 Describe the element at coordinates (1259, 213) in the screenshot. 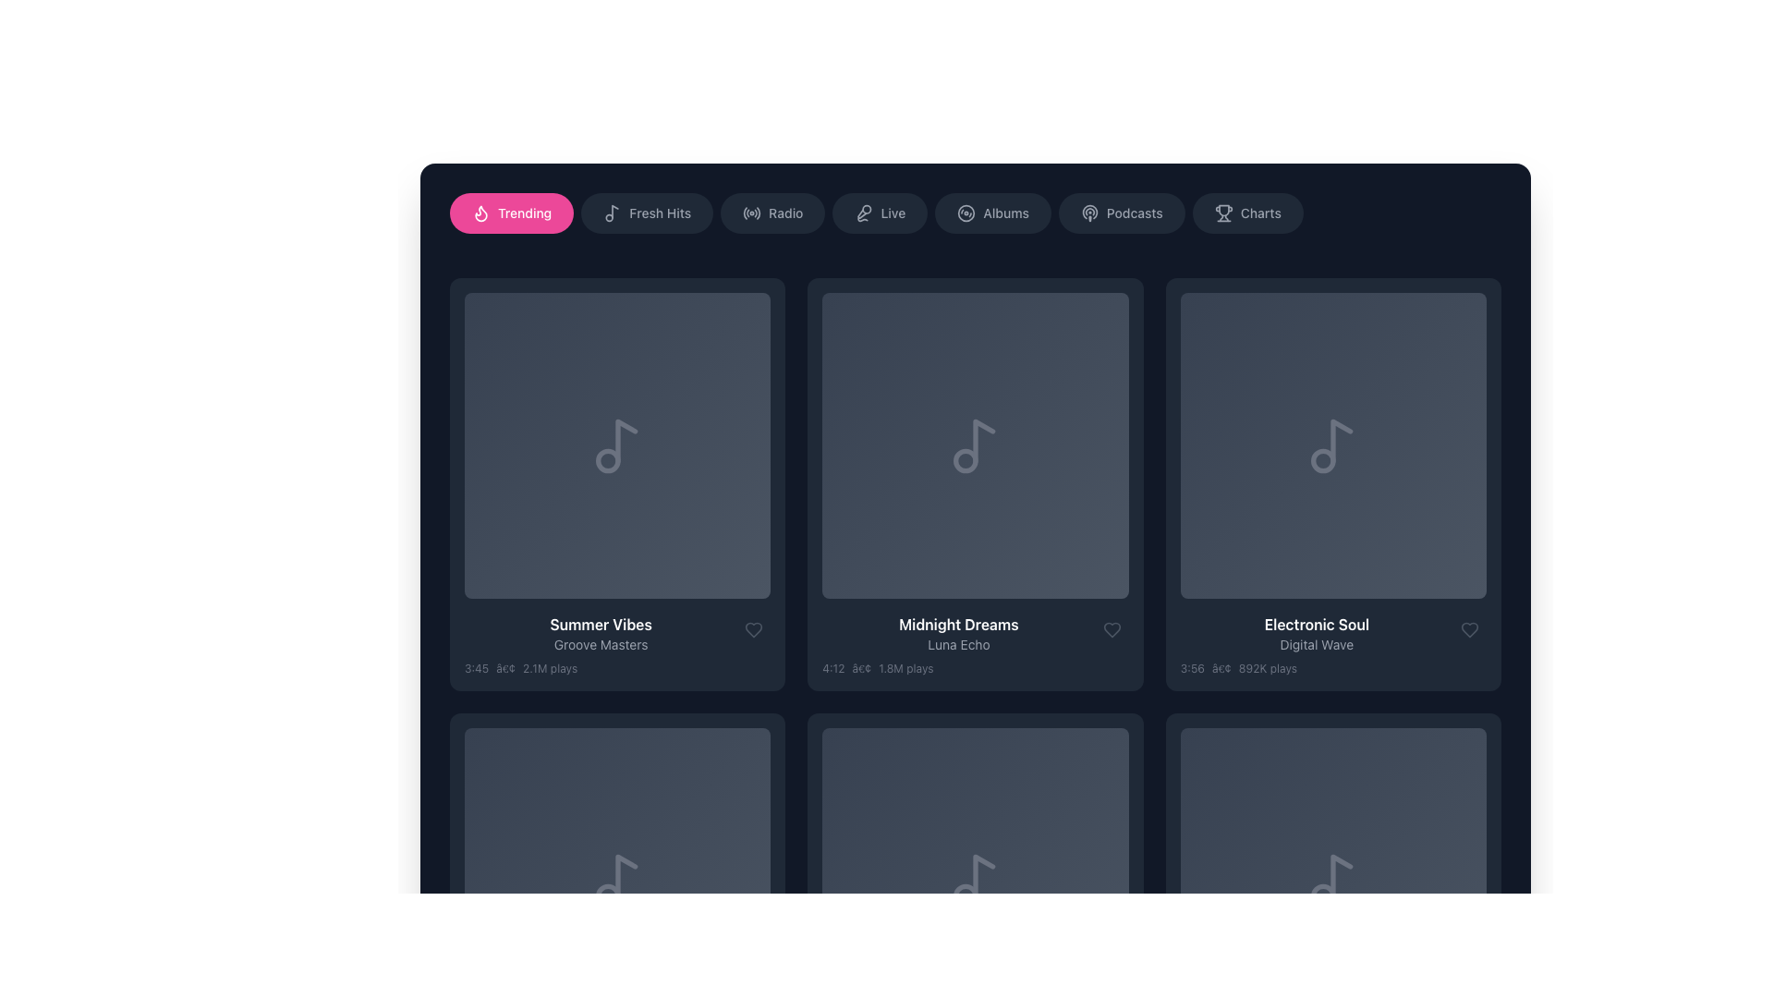

I see `the 'Charts' label located in the upper-right portion of the navigation button` at that location.